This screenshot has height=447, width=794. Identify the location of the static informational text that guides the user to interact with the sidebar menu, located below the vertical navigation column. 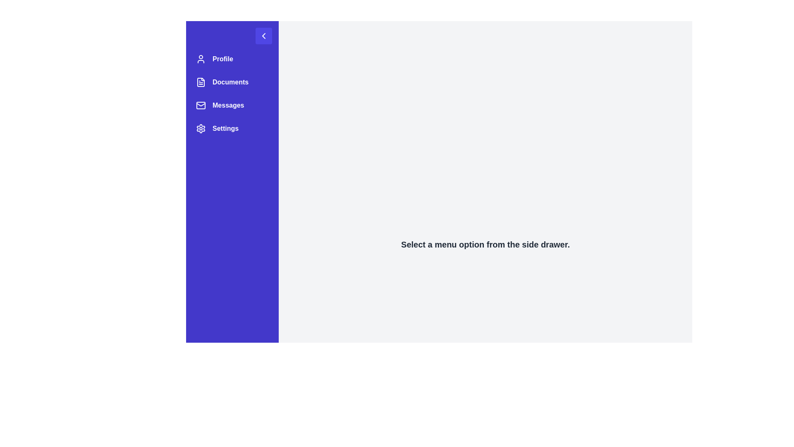
(485, 244).